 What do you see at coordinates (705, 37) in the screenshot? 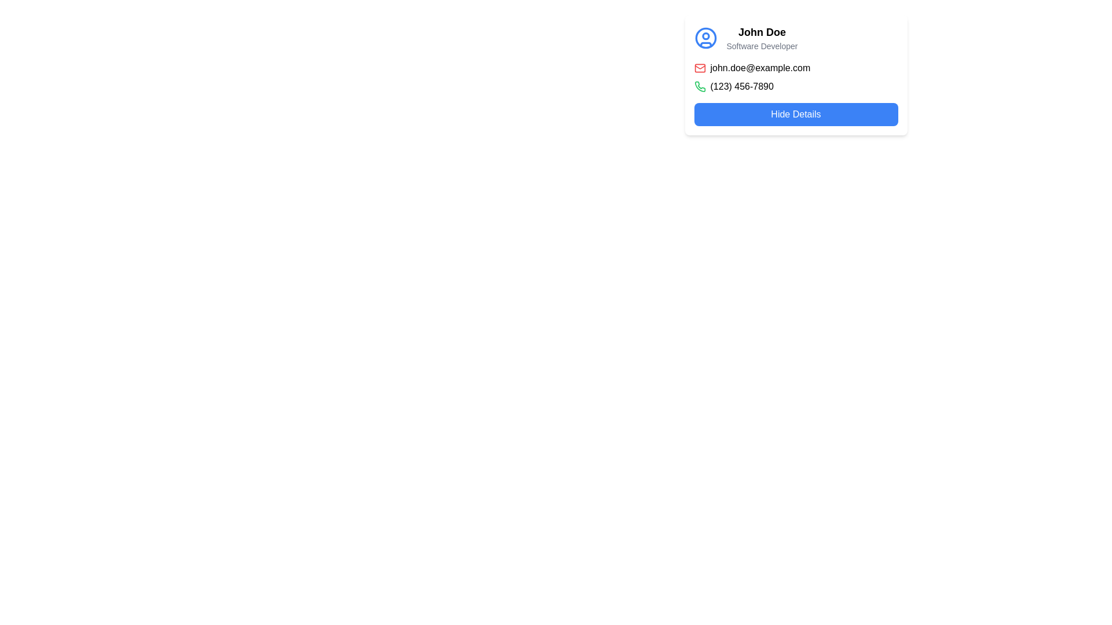
I see `the user profile icon, which is a circular icon with a blue outline located in the top-left corner of a user details card` at bounding box center [705, 37].